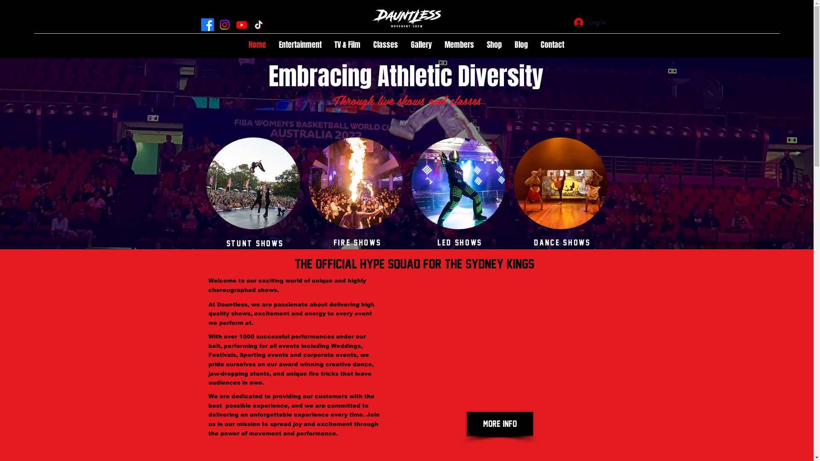 The image size is (820, 461). Describe the element at coordinates (328, 45) in the screenshot. I see `'TV & Film'` at that location.